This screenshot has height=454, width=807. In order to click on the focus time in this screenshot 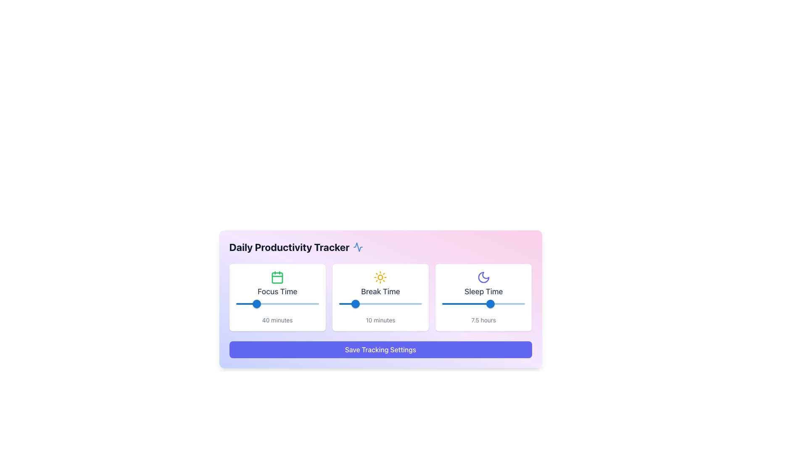, I will do `click(254, 304)`.